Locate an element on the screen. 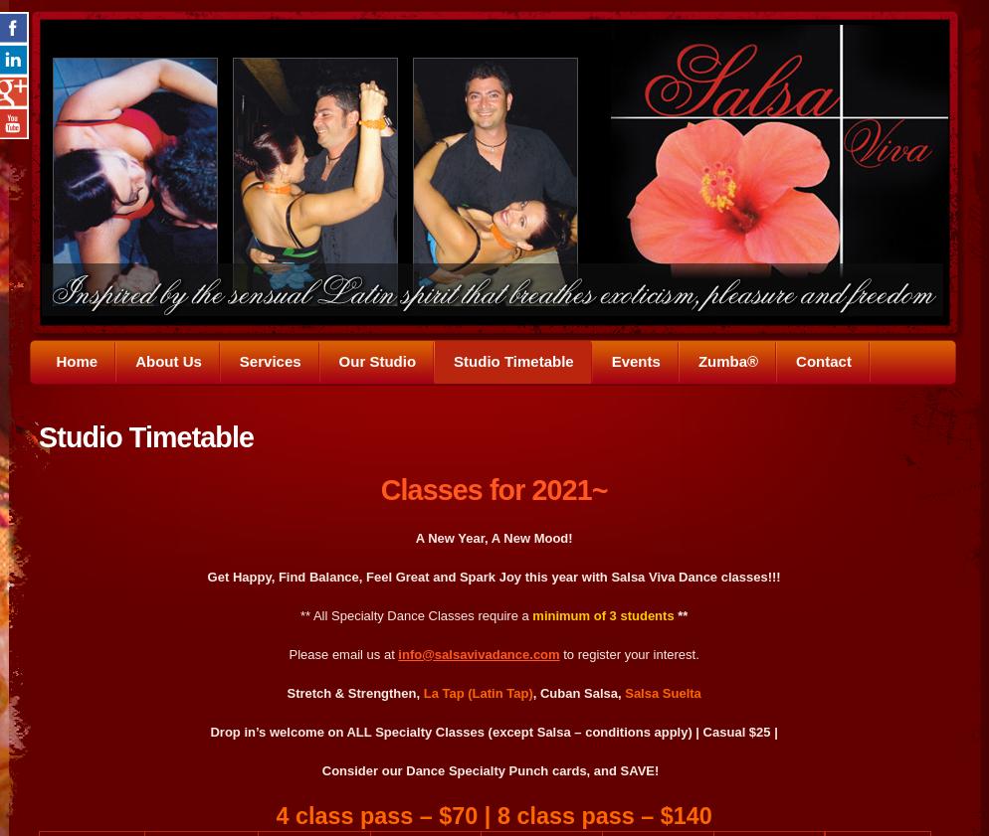 The image size is (989, 836). 'Drop in’s welcome on ALL Specialty Classes (except Salsa – conditions apply) | Casual $25 |' is located at coordinates (493, 731).